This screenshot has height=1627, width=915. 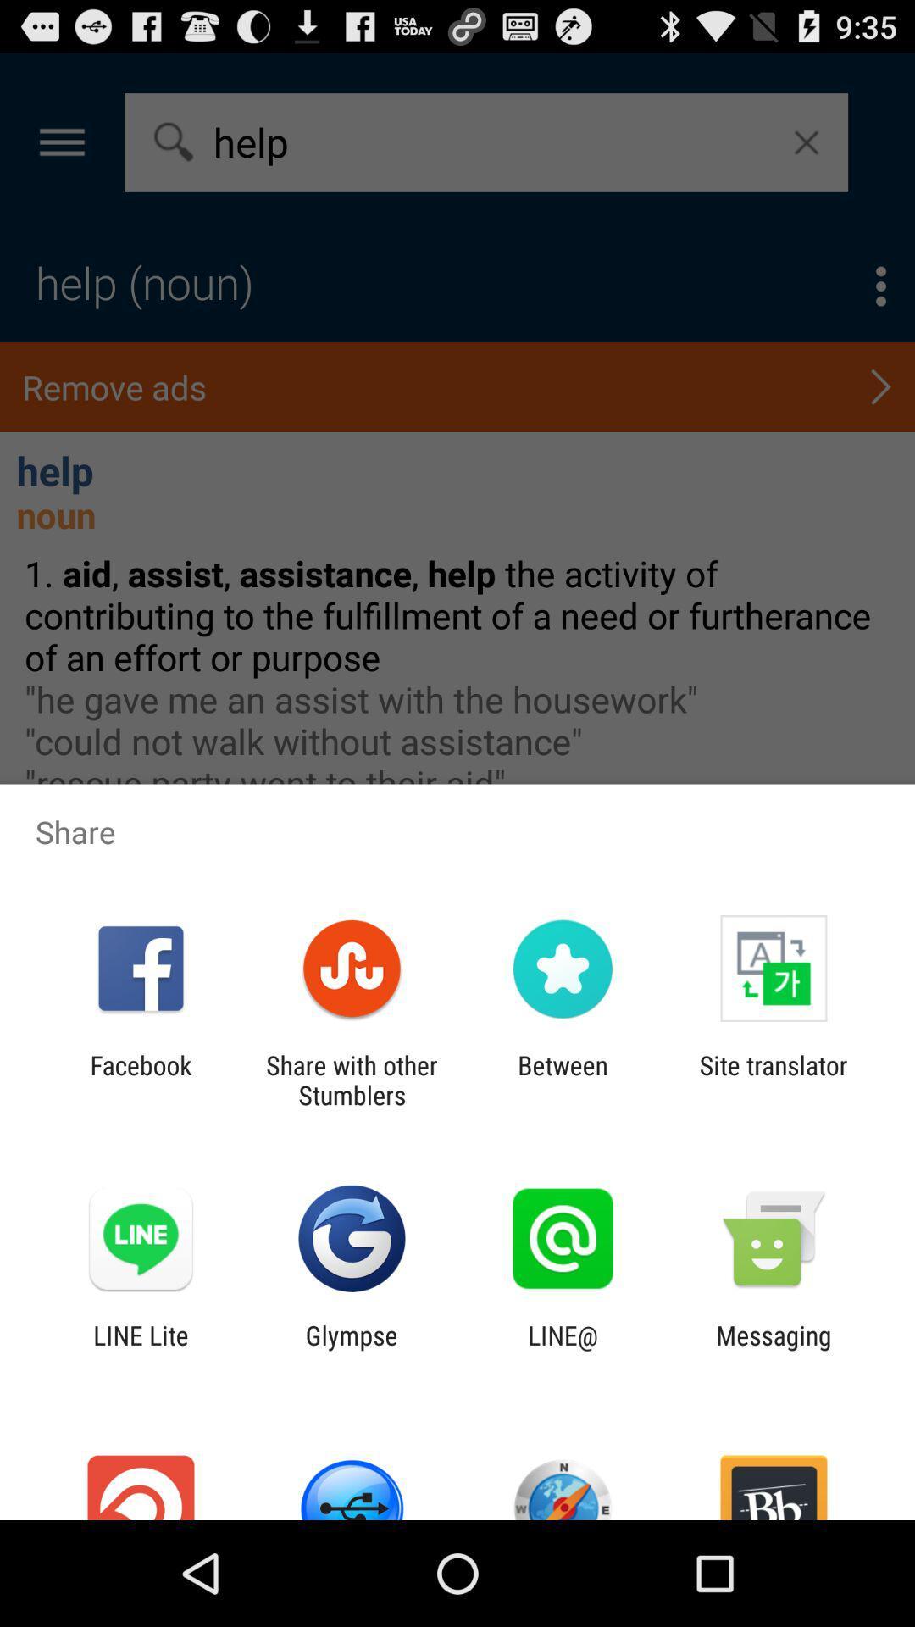 I want to click on the icon to the left of line@ app, so click(x=351, y=1349).